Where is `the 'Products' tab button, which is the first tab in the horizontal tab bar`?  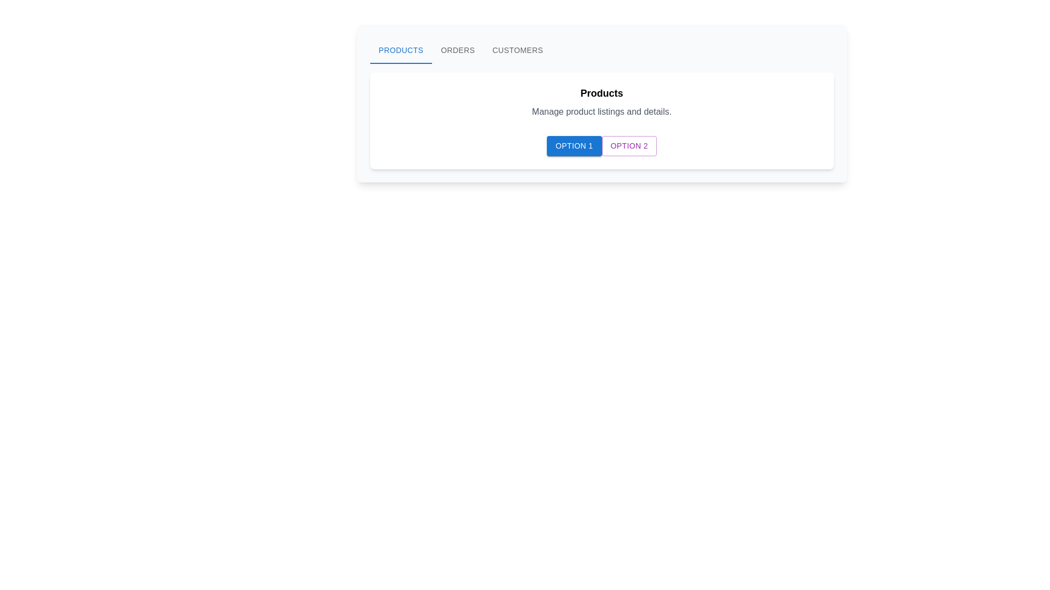
the 'Products' tab button, which is the first tab in the horizontal tab bar is located at coordinates (400, 50).